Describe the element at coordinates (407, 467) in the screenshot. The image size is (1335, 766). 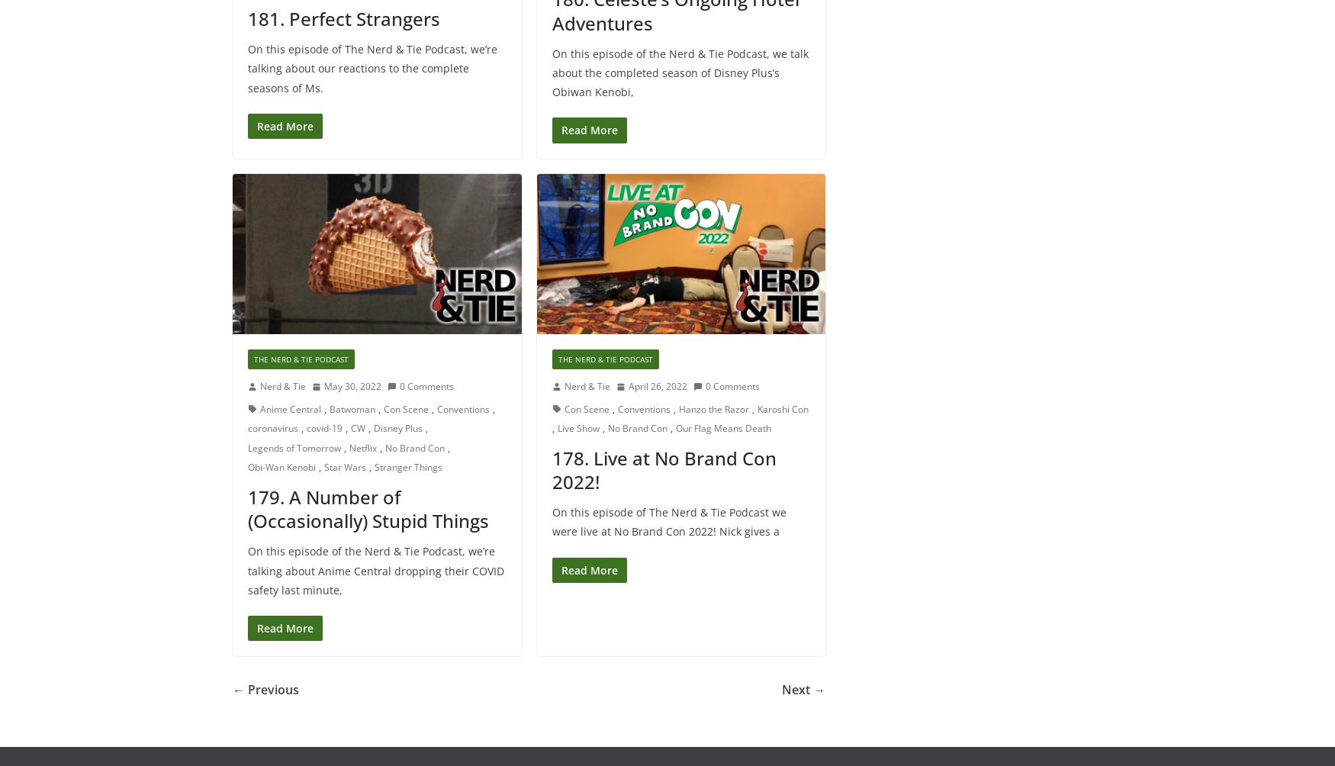
I see `'Stranger Things'` at that location.